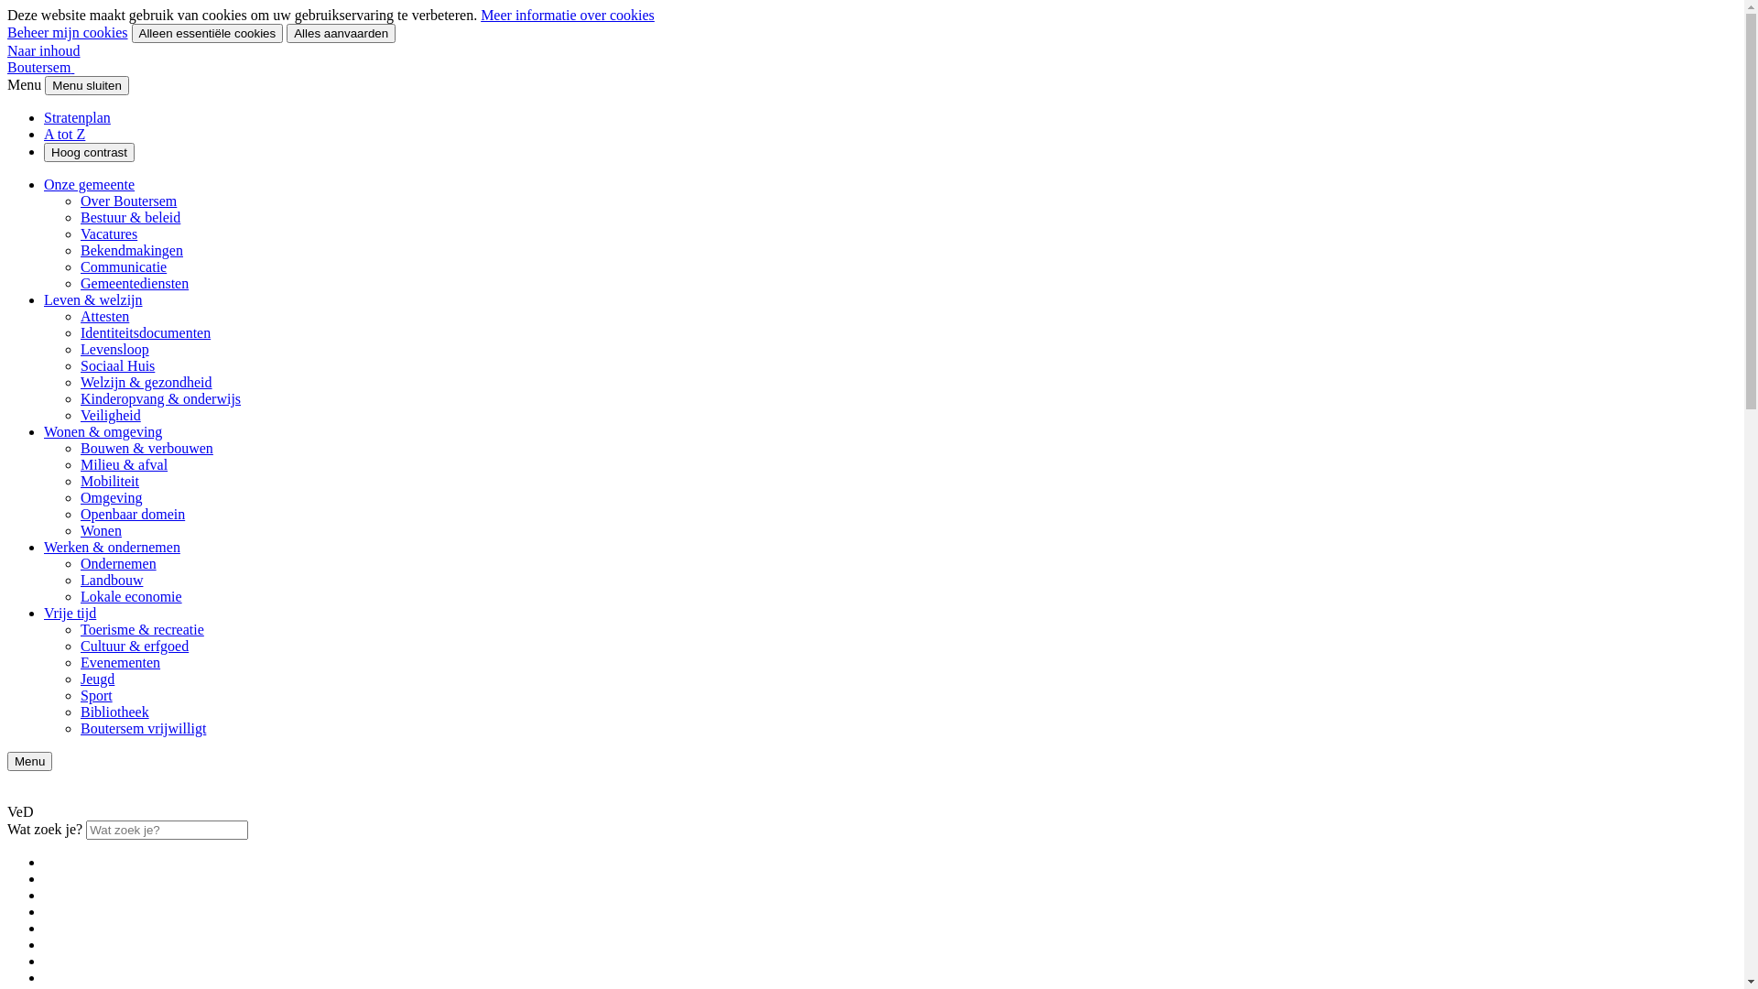 The image size is (1758, 989). I want to click on 'Hoog contrast', so click(44, 151).